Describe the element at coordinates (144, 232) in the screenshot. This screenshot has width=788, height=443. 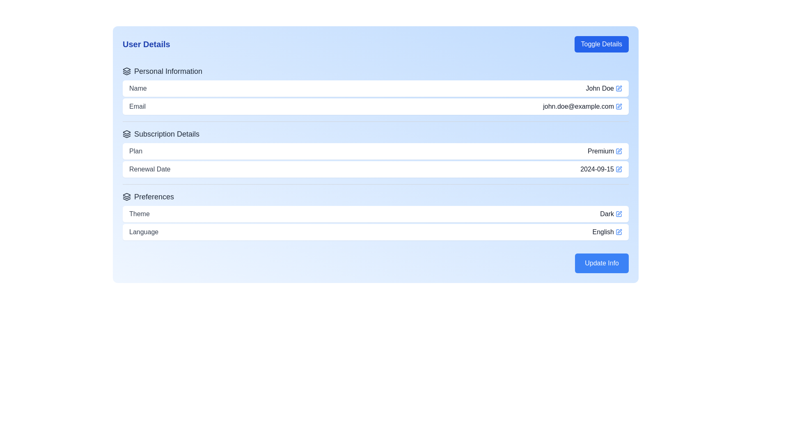
I see `the Text Label indicating the language display setting located in the 'Preferences' section, adjacent to the 'English' text and the edit icon` at that location.